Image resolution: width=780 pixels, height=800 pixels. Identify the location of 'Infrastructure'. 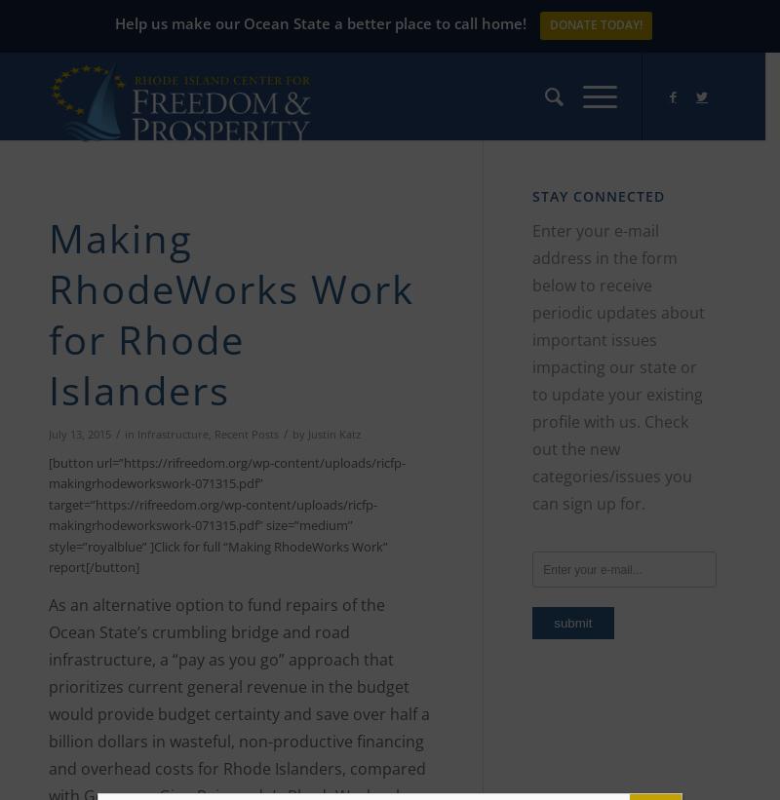
(172, 433).